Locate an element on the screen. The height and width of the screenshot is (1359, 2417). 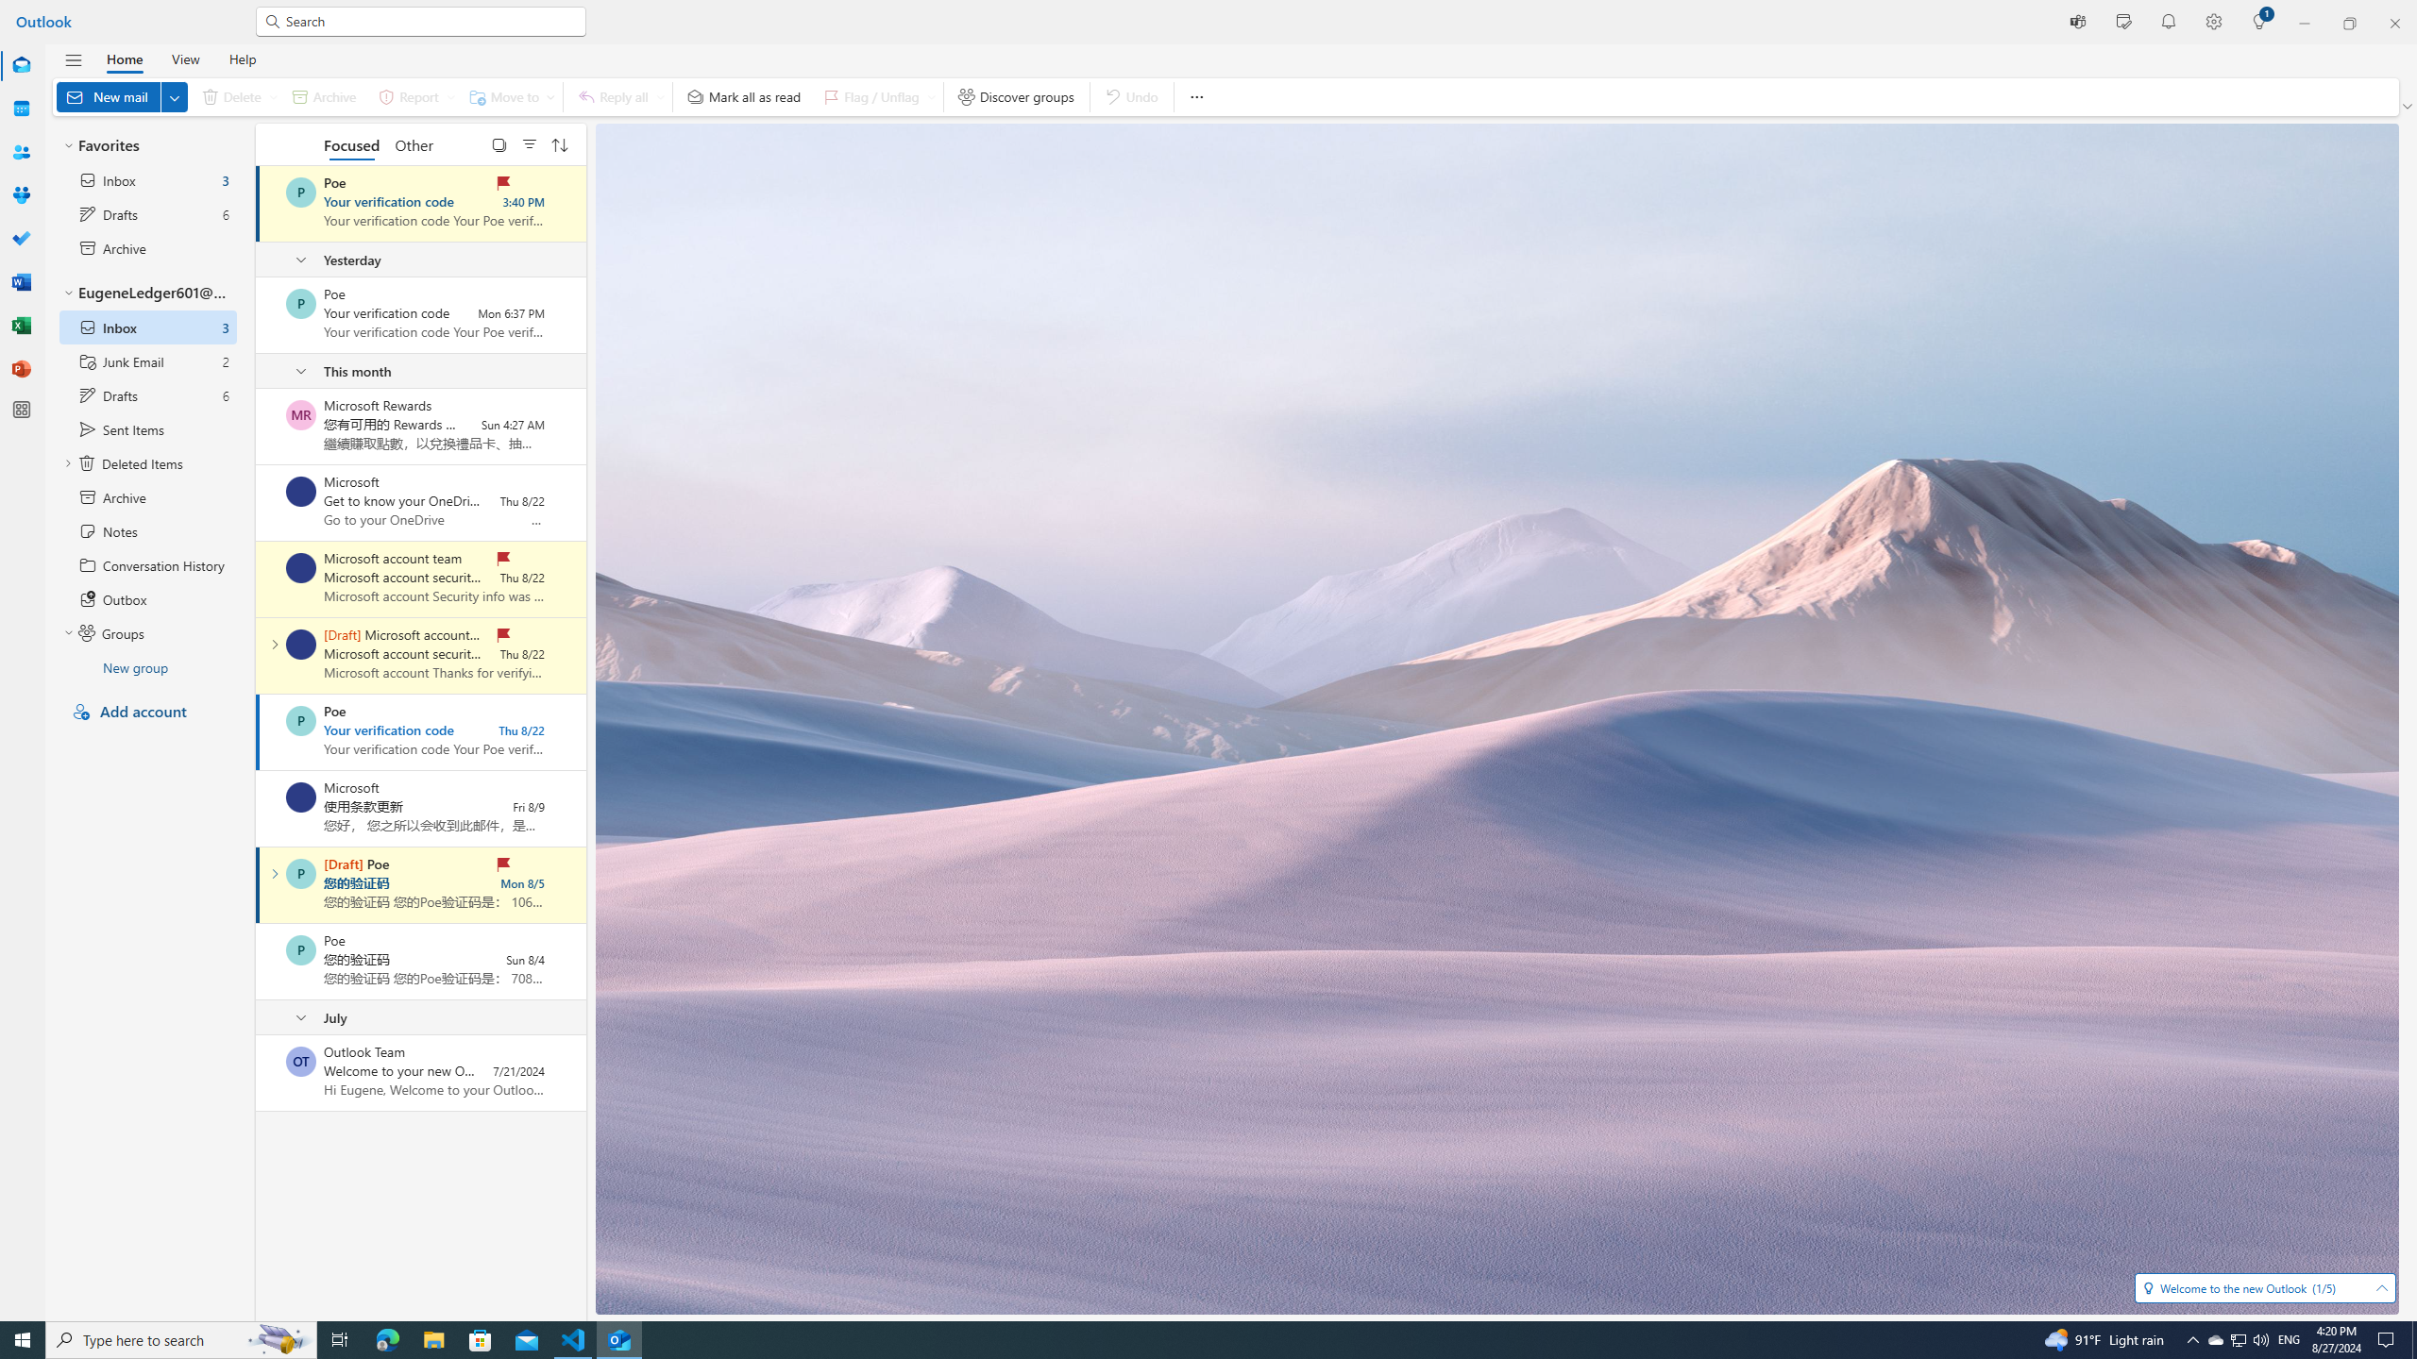
'New mail' is located at coordinates (122, 96).